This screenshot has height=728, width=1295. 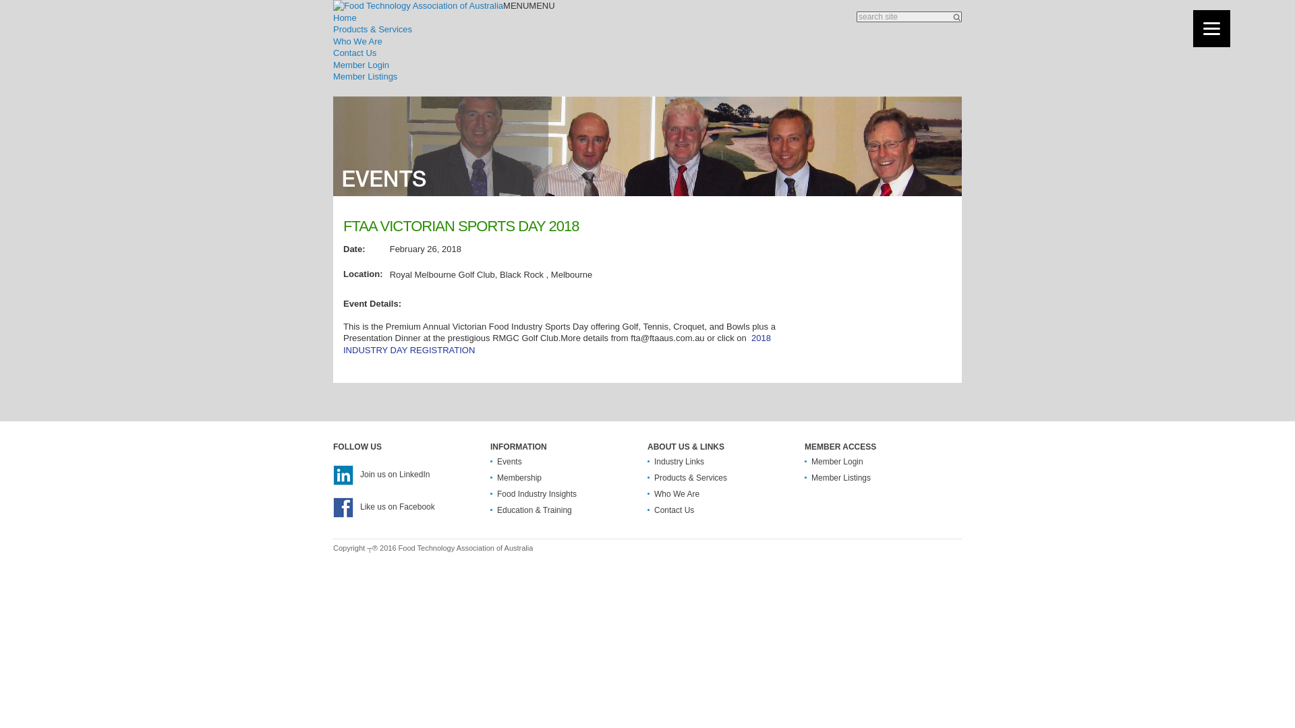 What do you see at coordinates (677, 493) in the screenshot?
I see `'Who We Are'` at bounding box center [677, 493].